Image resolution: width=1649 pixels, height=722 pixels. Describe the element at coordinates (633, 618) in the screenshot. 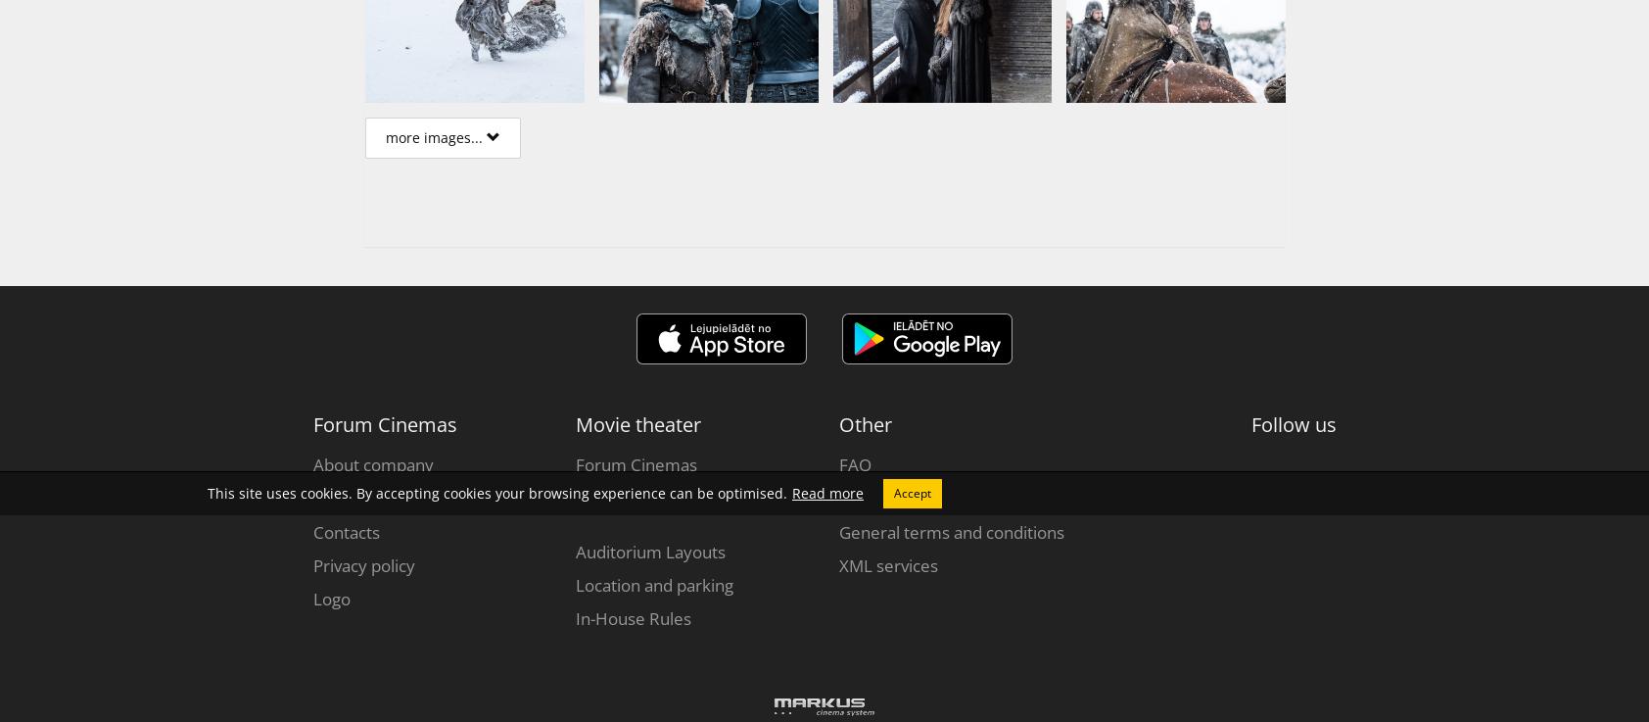

I see `'In-House Rules'` at that location.